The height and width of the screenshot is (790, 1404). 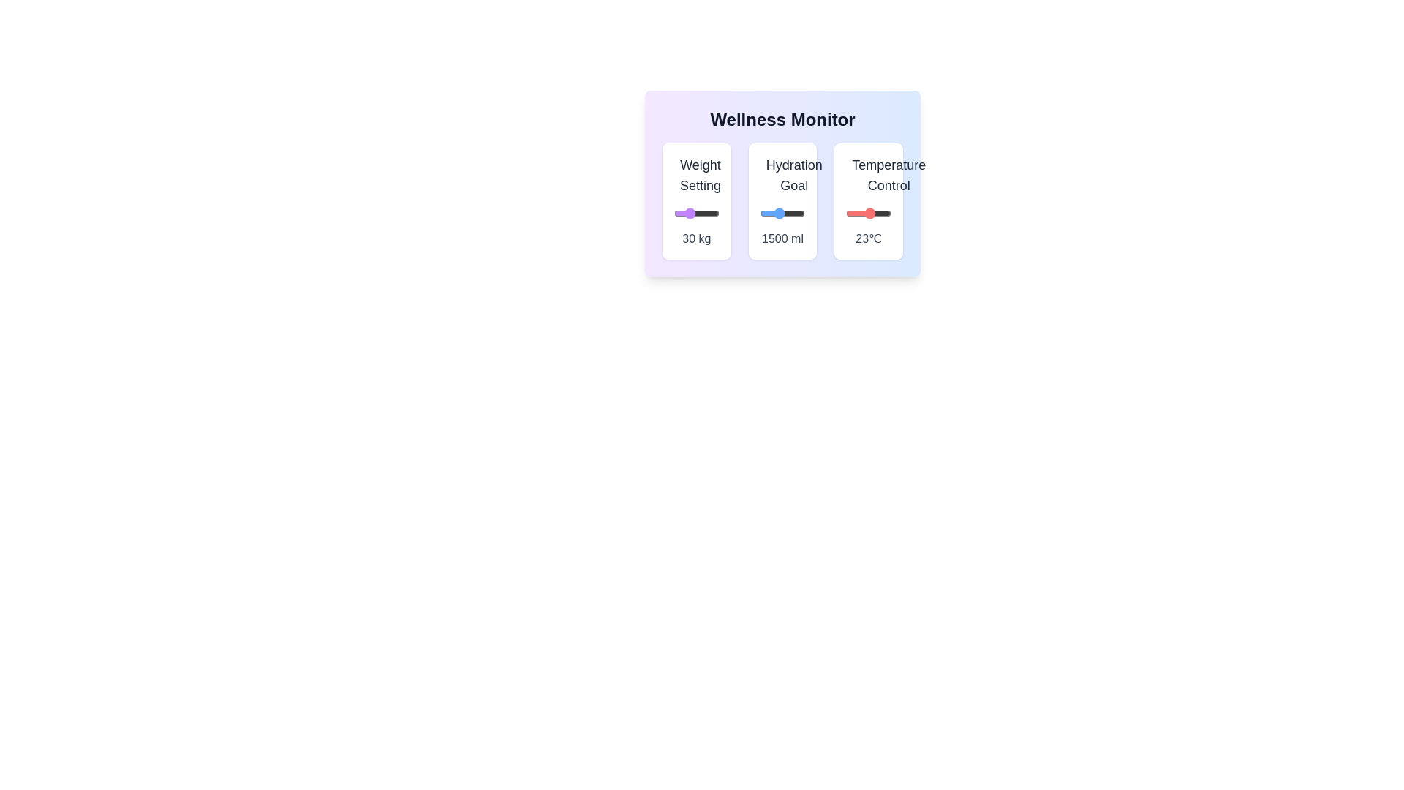 What do you see at coordinates (855, 174) in the screenshot?
I see `the internal part of the thermometer graphic, which is a subcomponent of the SVG icon representing temperature control, located to the left of the 'Temperature Control' text in the 'Wellness Monitor' interface` at bounding box center [855, 174].